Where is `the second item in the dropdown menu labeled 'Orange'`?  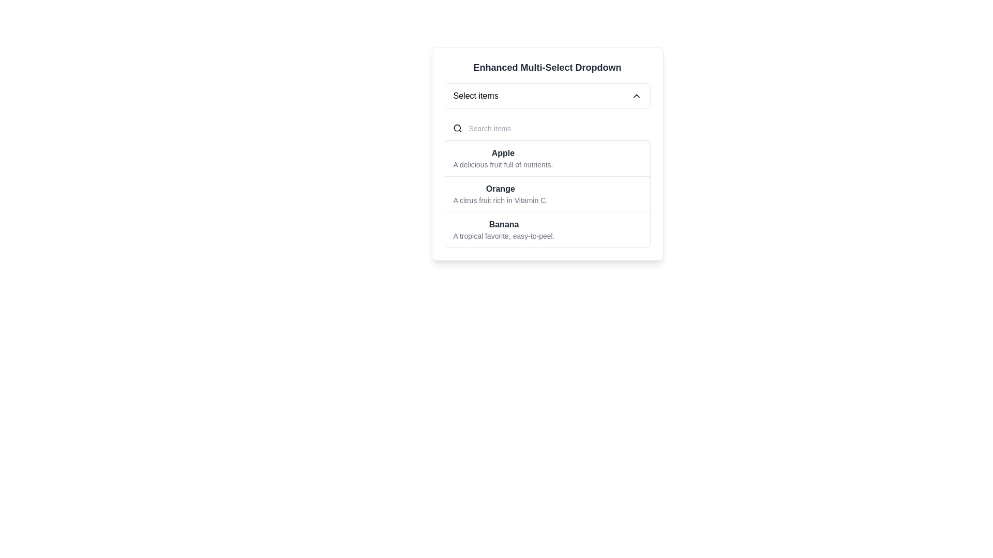 the second item in the dropdown menu labeled 'Orange' is located at coordinates (547, 194).